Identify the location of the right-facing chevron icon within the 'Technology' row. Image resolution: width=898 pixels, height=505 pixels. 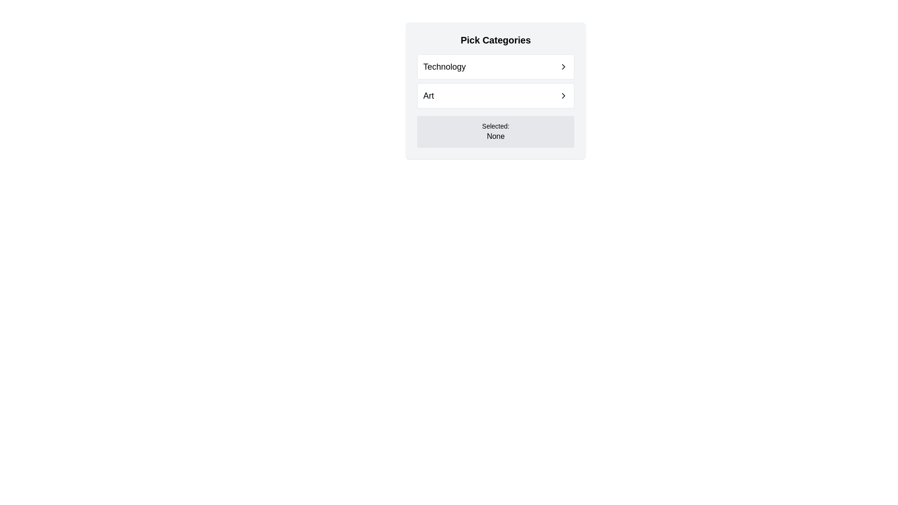
(563, 66).